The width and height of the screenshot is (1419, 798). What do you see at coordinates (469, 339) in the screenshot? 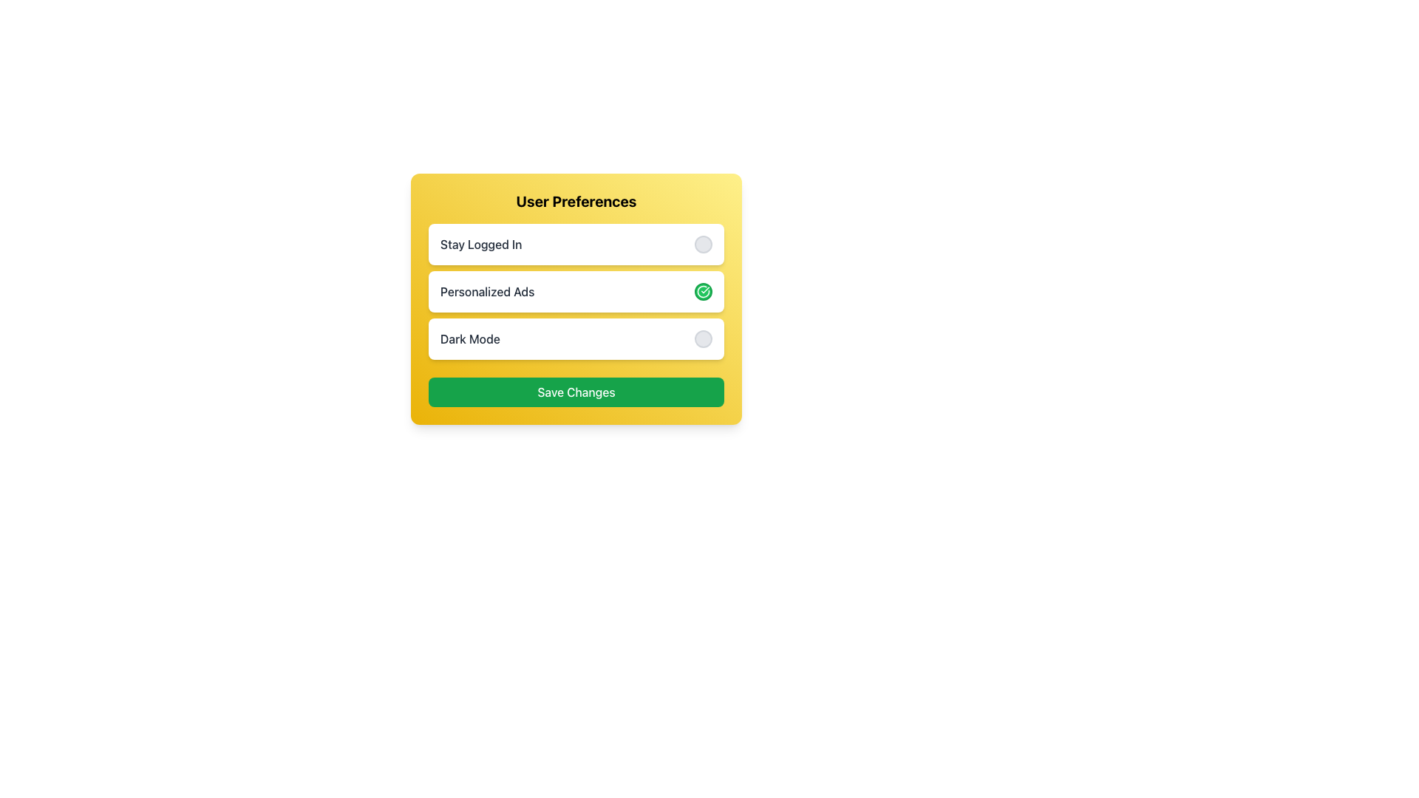
I see `the 'Dark Mode' text label, which is styled with medium-gray bold font and located within a white rounded rectangle inside a golden background card, positioned as the left-hand label in a settings card layout` at bounding box center [469, 339].